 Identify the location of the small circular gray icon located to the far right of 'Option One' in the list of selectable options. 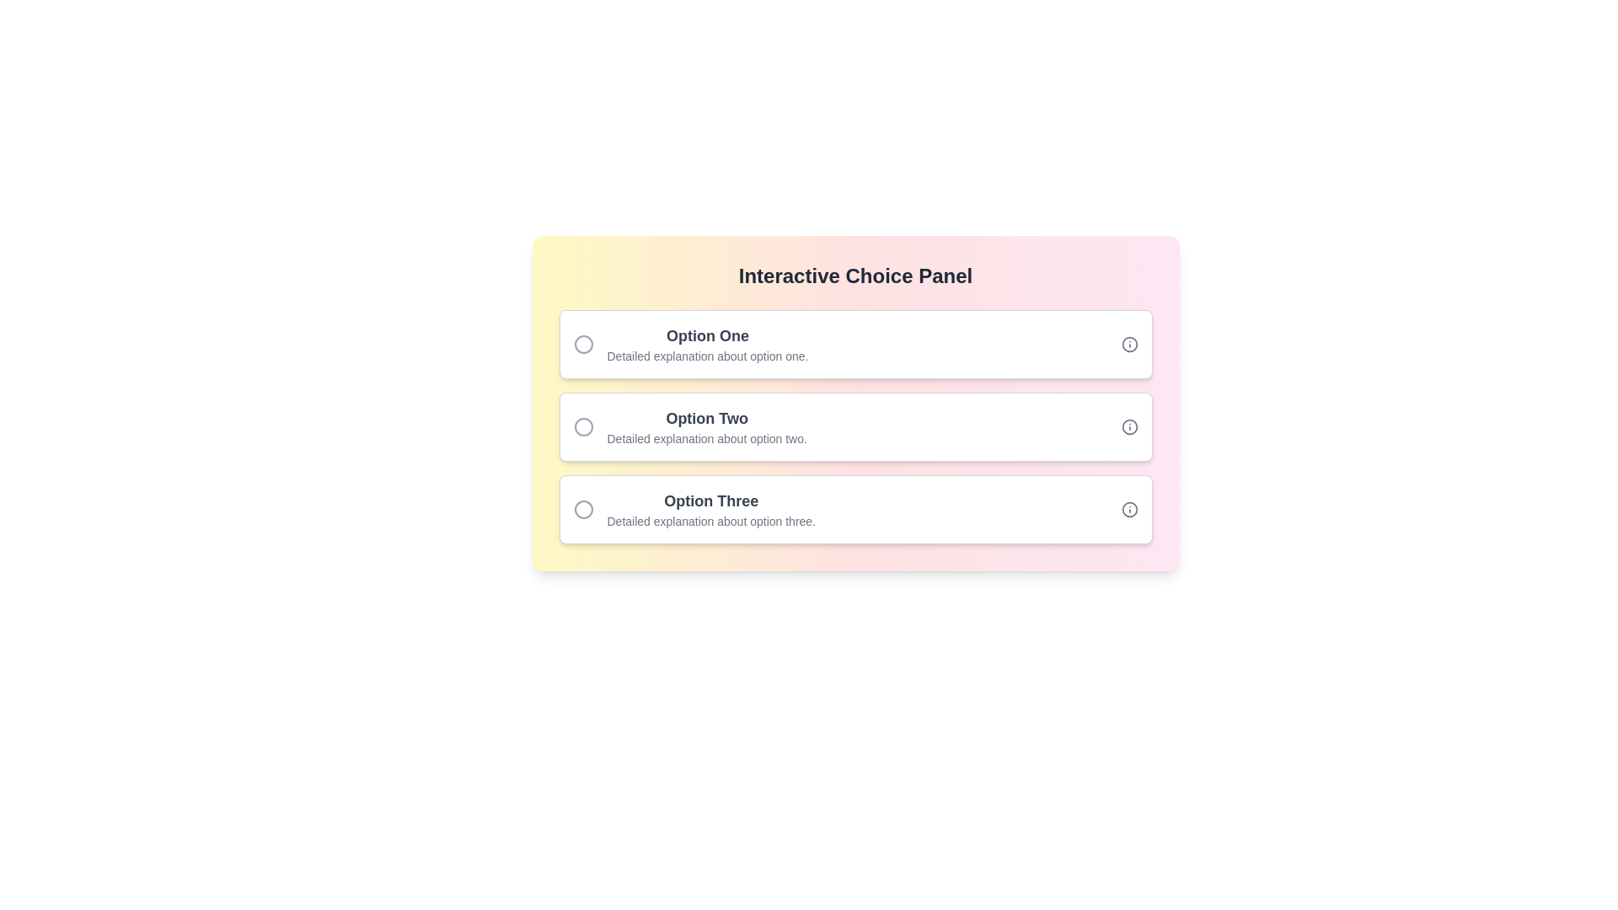
(1129, 343).